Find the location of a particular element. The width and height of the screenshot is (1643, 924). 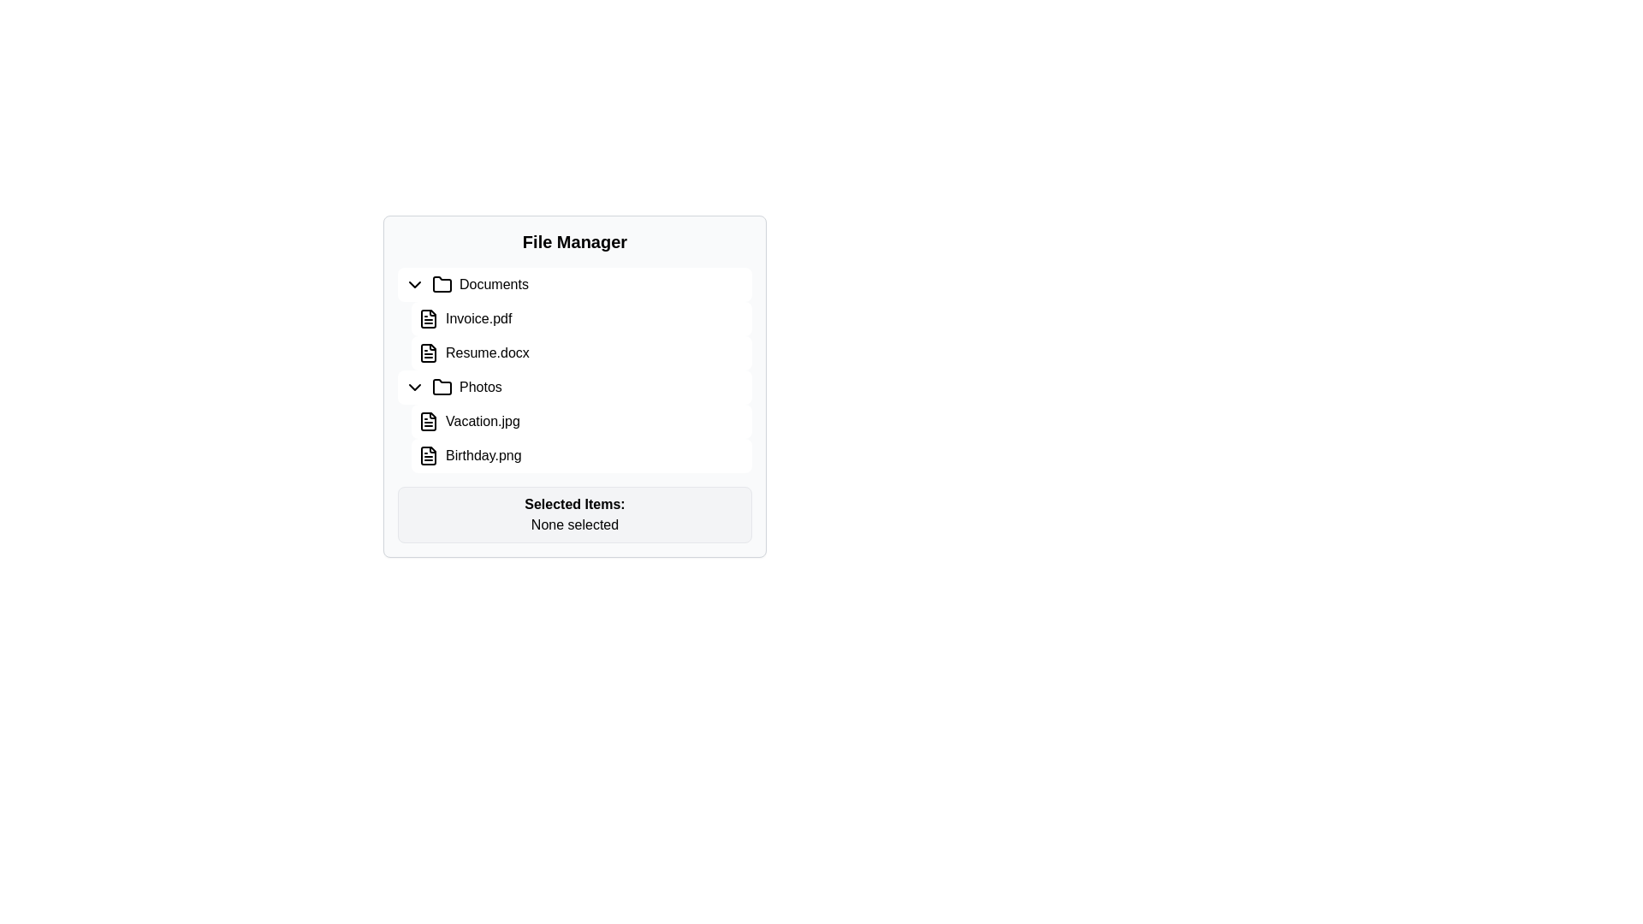

the graphical representation of the document icon located at the top-left position of the component is located at coordinates (428, 352).